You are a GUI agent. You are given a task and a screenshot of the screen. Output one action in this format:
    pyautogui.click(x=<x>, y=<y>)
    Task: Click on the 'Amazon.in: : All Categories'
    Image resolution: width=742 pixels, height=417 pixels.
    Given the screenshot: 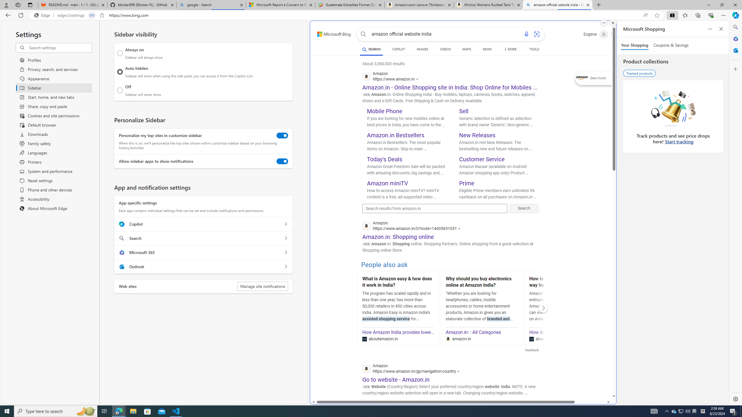 What is the action you would take?
    pyautogui.click(x=473, y=332)
    